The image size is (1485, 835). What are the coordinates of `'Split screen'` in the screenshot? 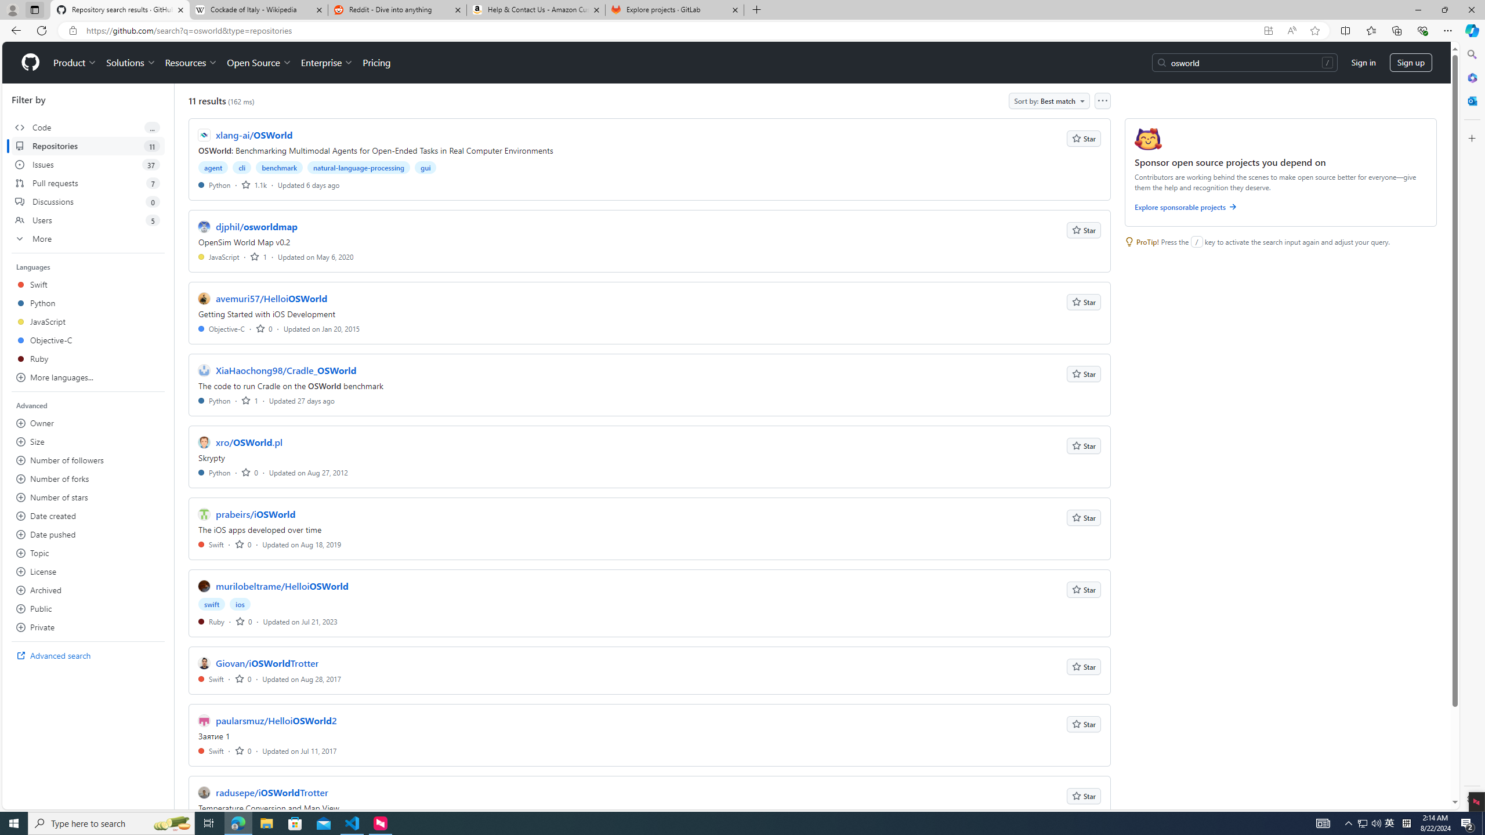 It's located at (1345, 30).